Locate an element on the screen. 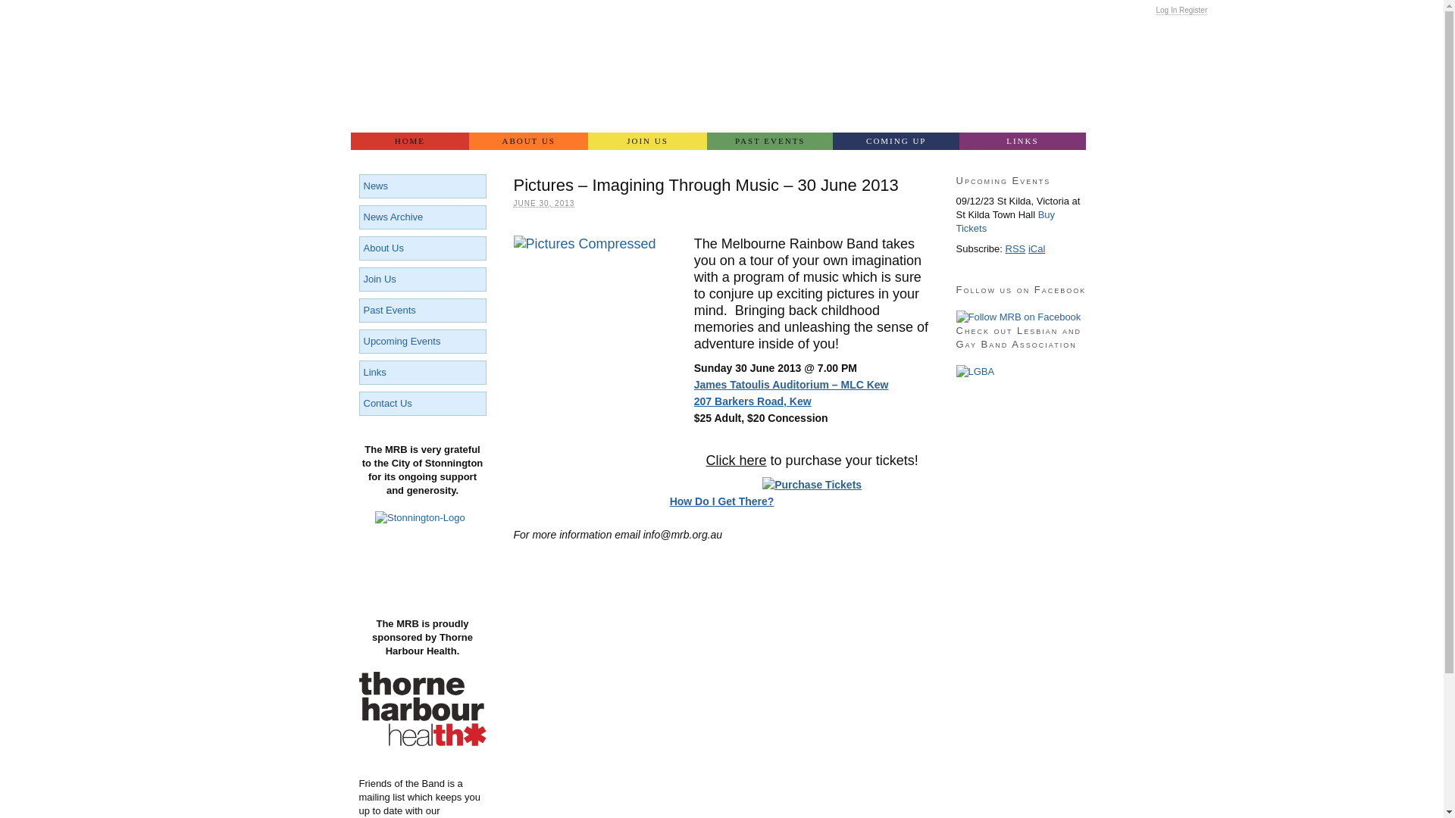 This screenshot has width=1455, height=818. 'Click here' is located at coordinates (736, 460).